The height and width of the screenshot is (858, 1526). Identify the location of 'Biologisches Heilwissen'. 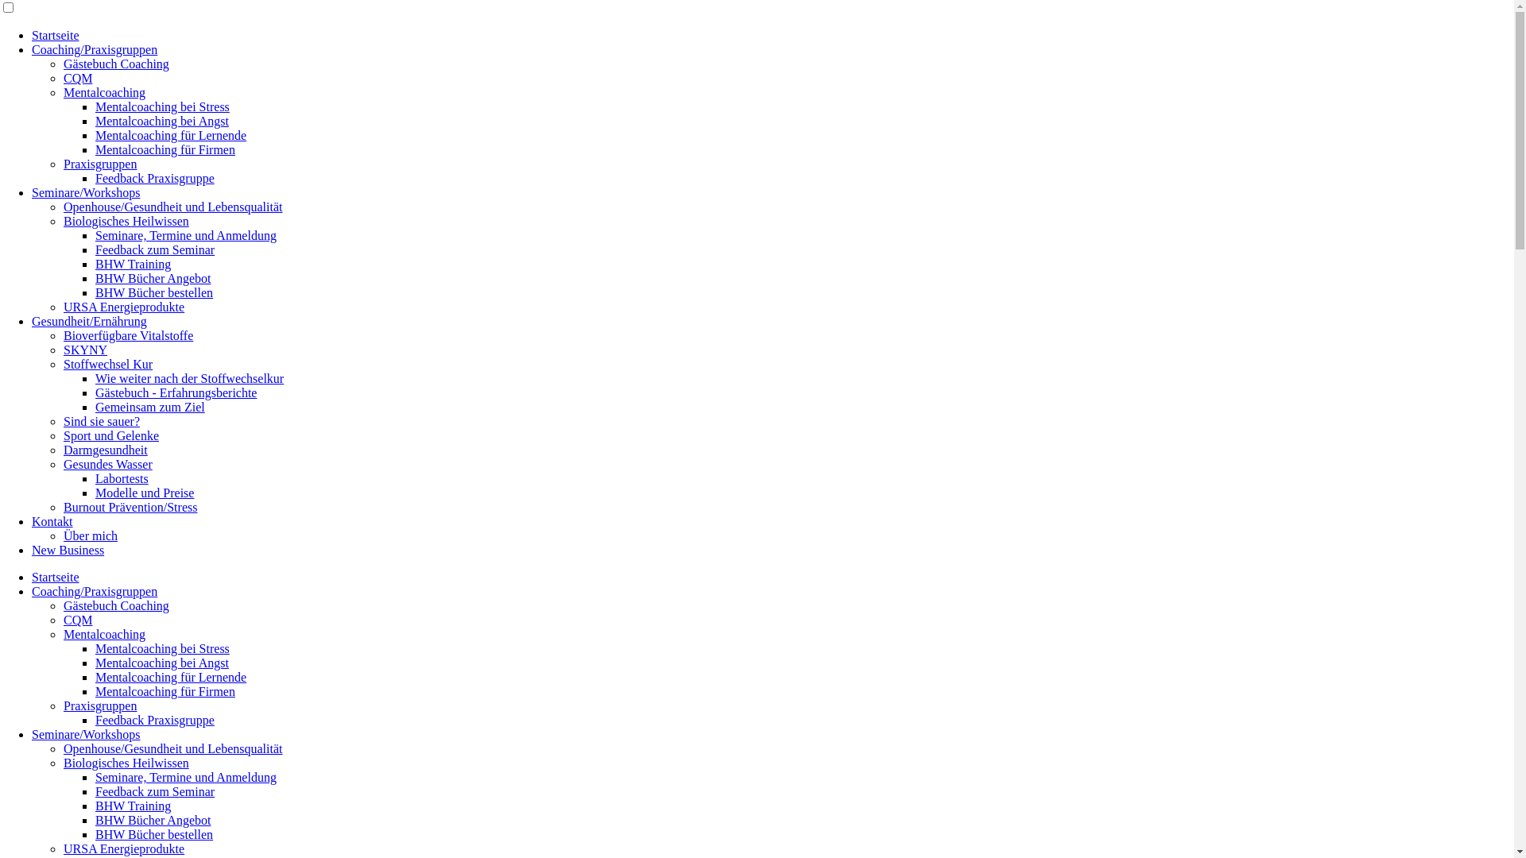
(64, 762).